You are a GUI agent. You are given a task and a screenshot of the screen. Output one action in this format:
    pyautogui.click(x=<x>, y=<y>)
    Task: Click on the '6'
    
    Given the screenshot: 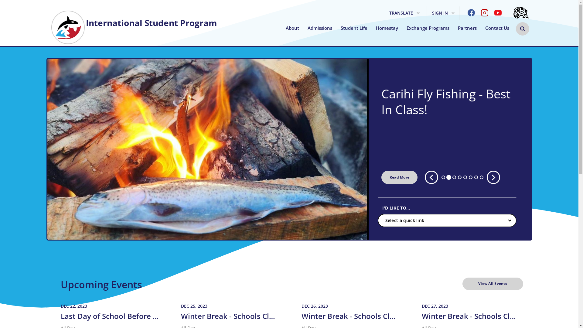 What is the action you would take?
    pyautogui.click(x=469, y=177)
    